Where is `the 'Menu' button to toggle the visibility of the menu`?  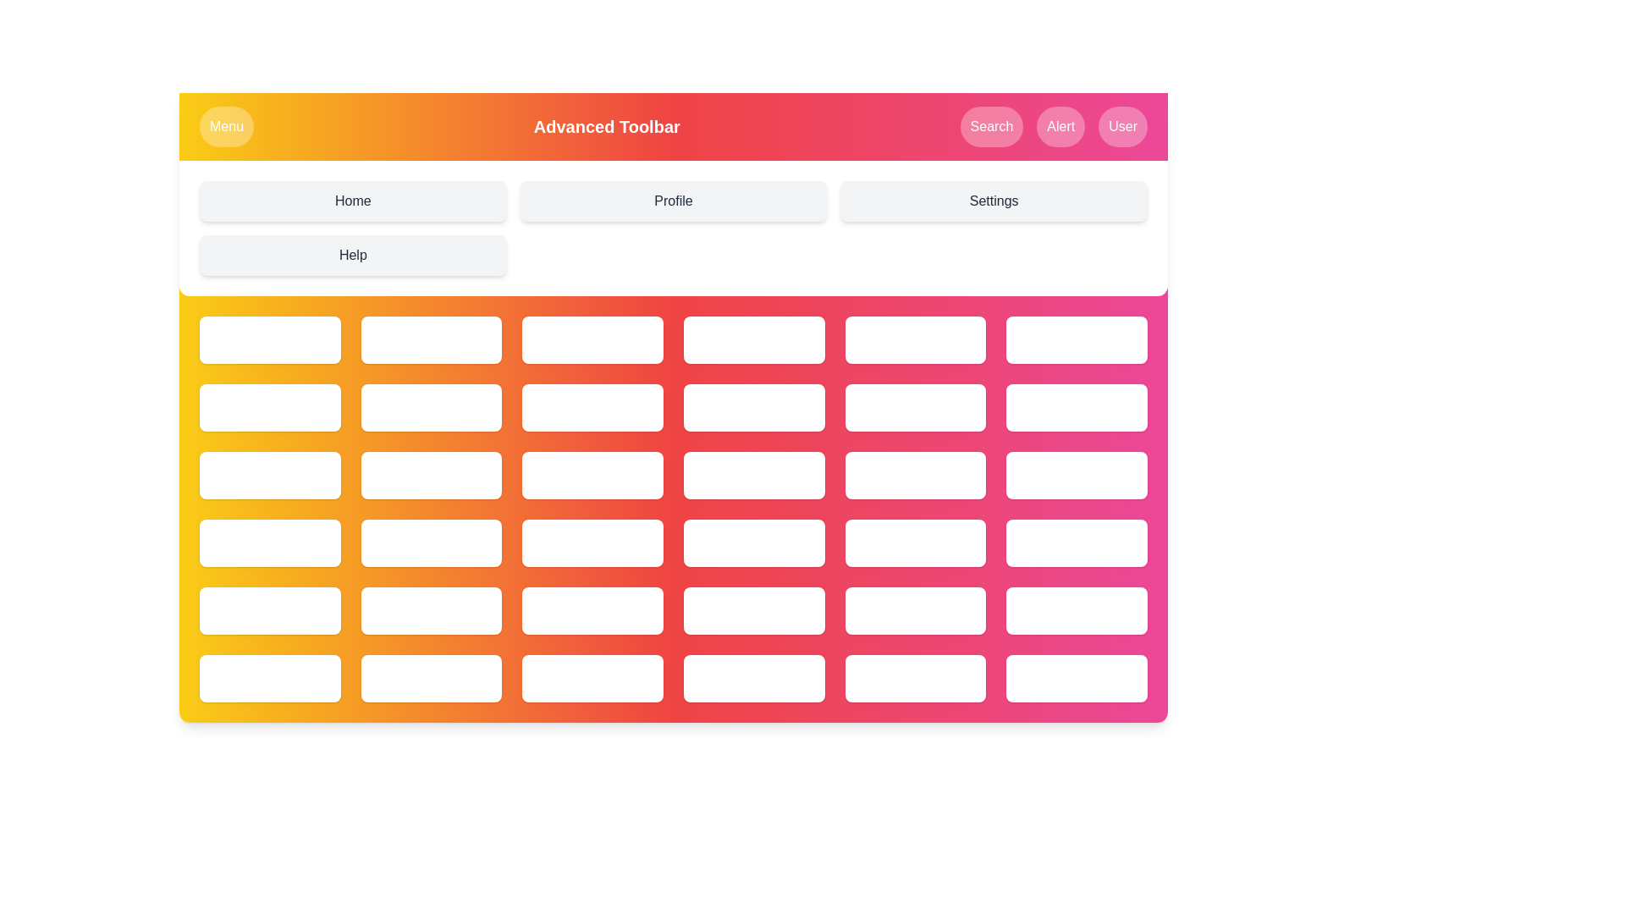 the 'Menu' button to toggle the visibility of the menu is located at coordinates (226, 126).